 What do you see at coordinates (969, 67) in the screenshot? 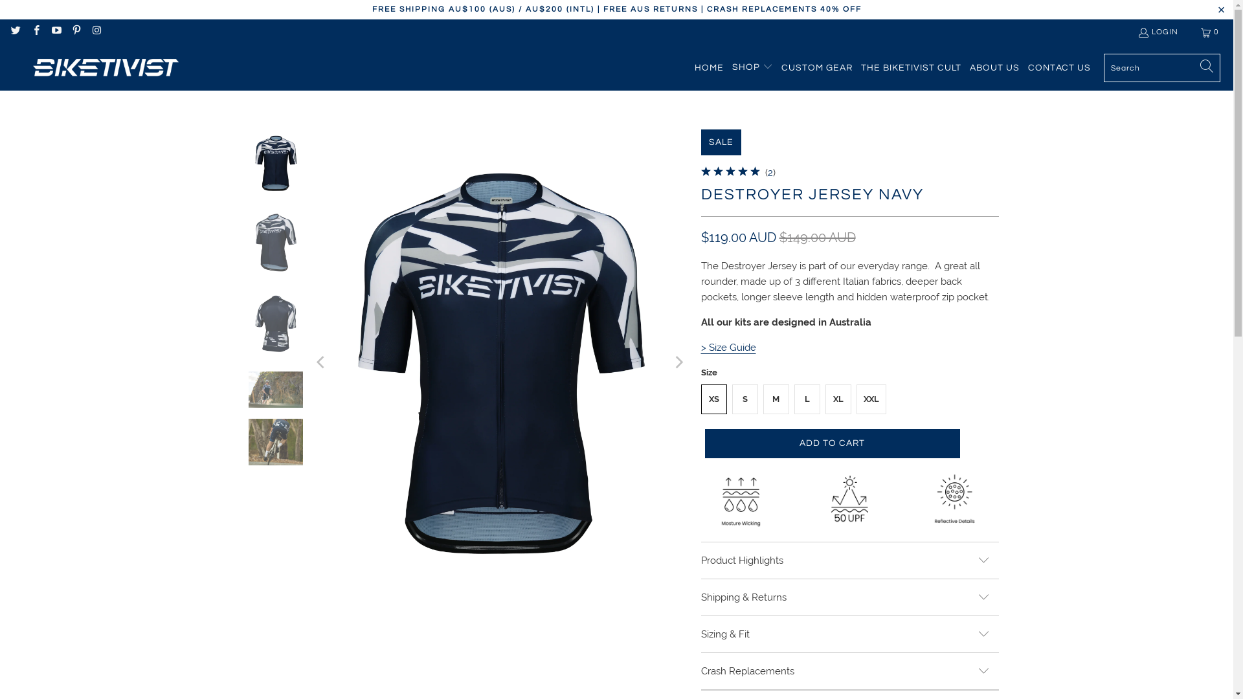
I see `'ABOUT US'` at bounding box center [969, 67].